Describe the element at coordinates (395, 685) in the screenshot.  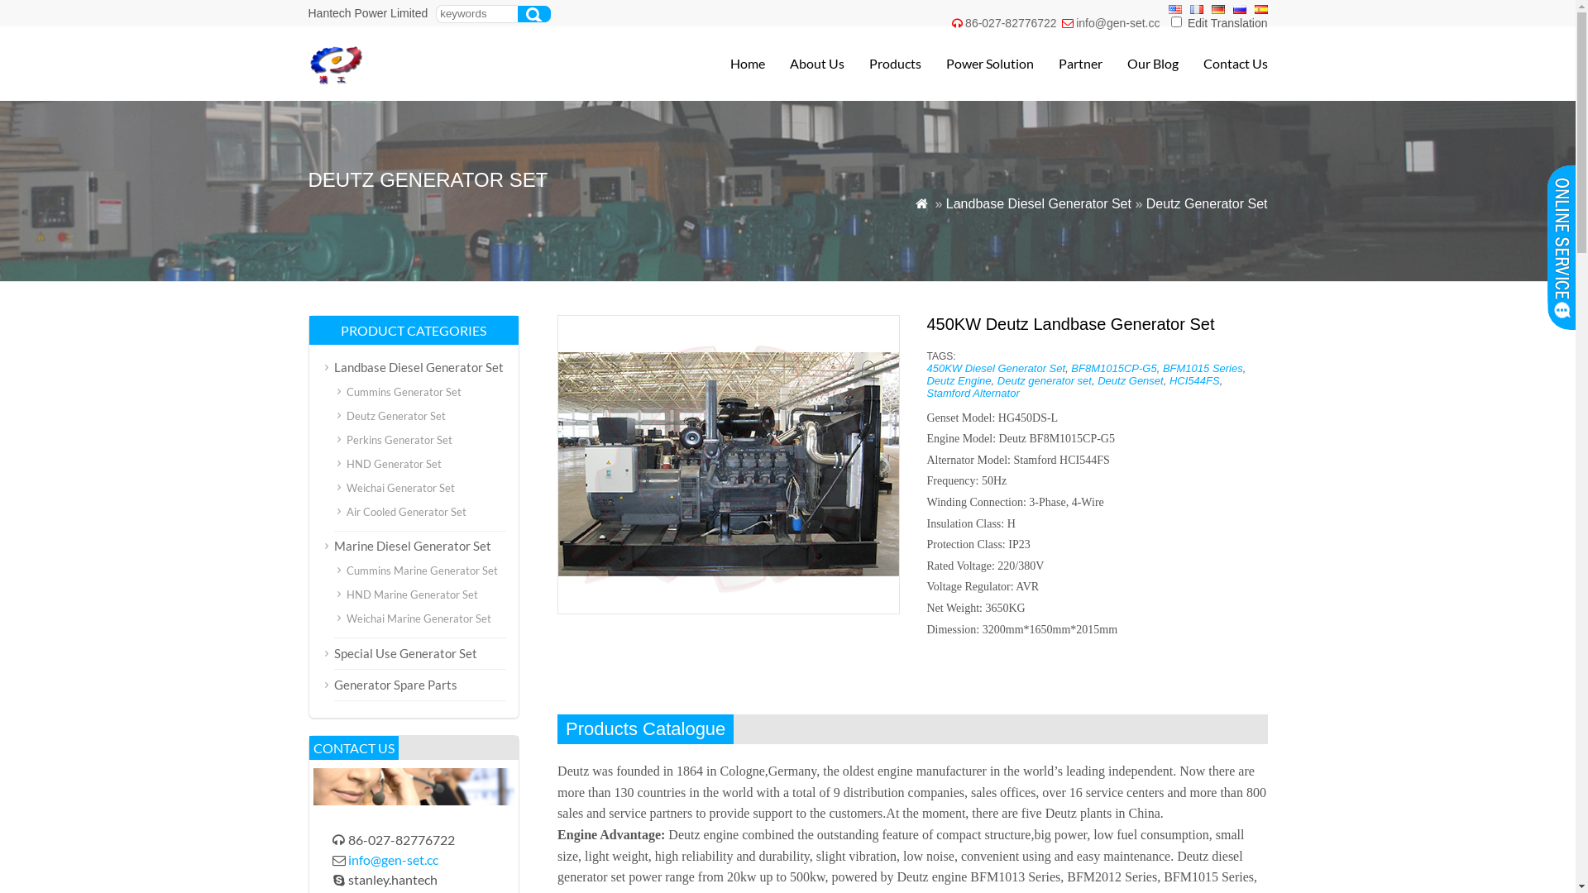
I see `'Generator Spare Parts'` at that location.